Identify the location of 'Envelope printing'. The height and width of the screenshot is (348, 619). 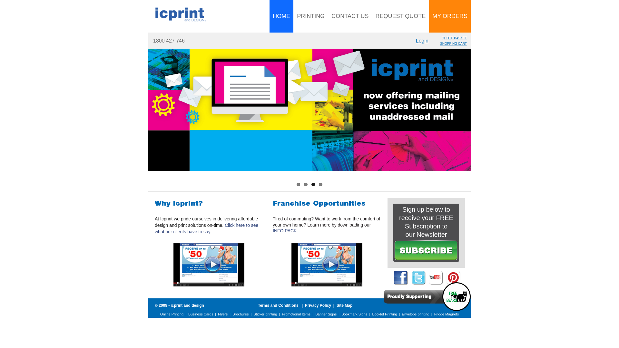
(416, 314).